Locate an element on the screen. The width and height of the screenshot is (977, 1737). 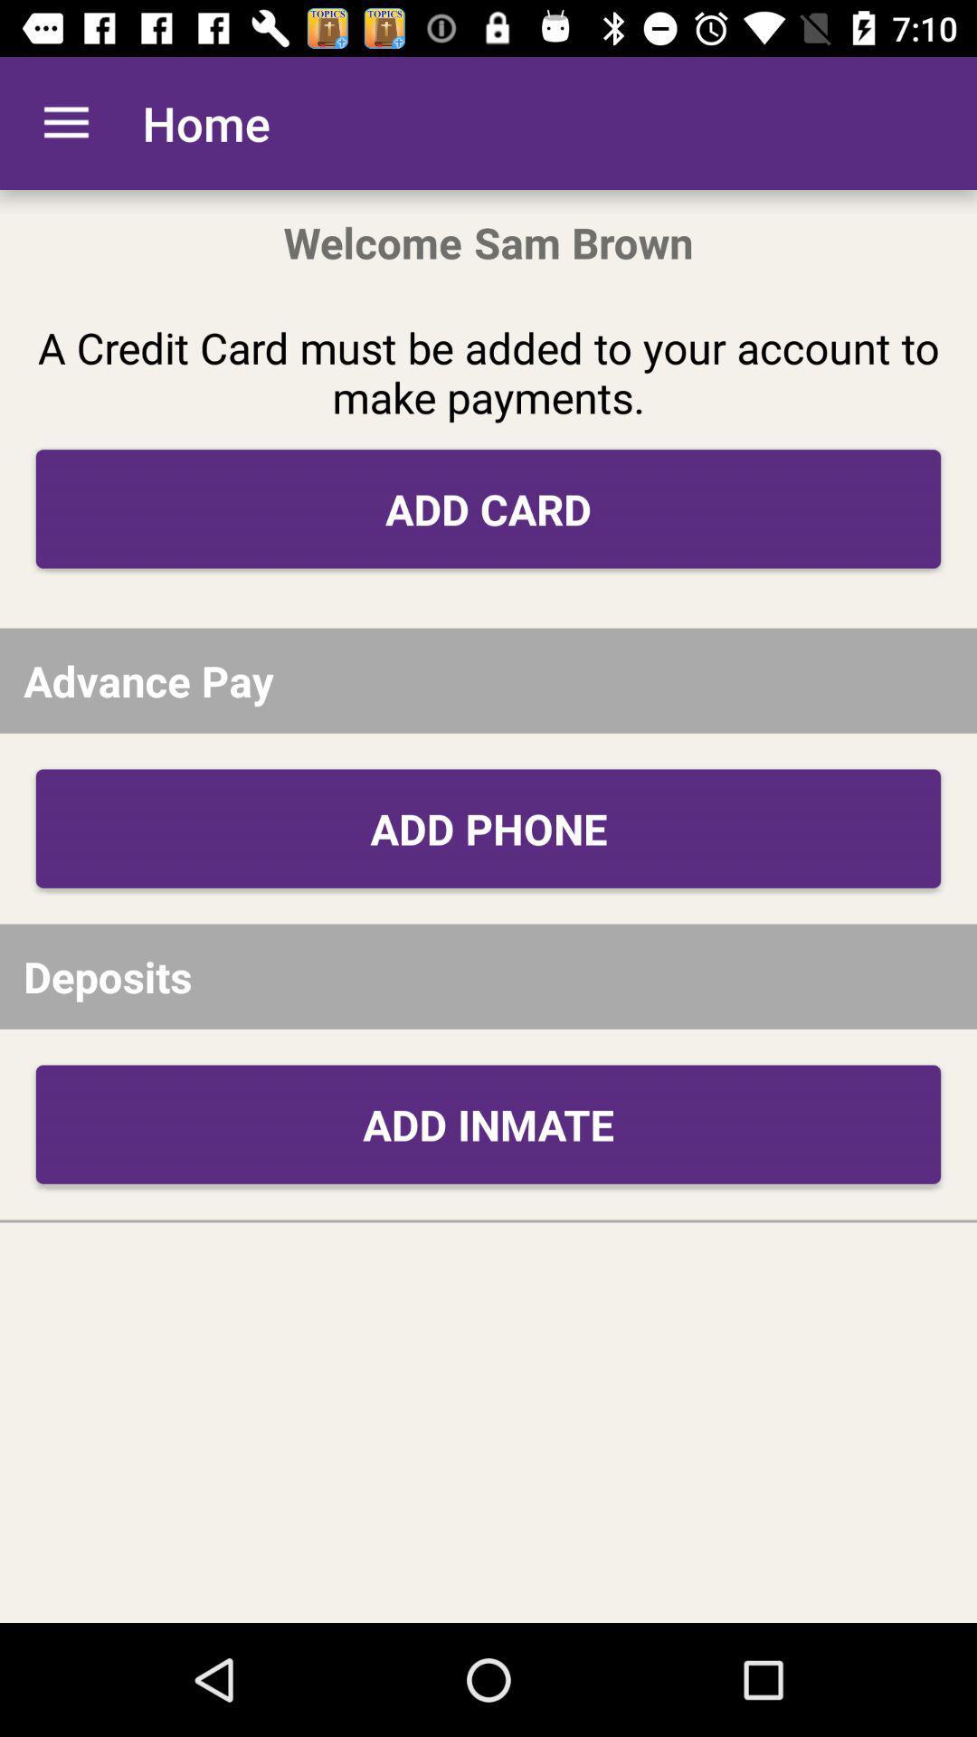
item above deposits icon is located at coordinates (488, 828).